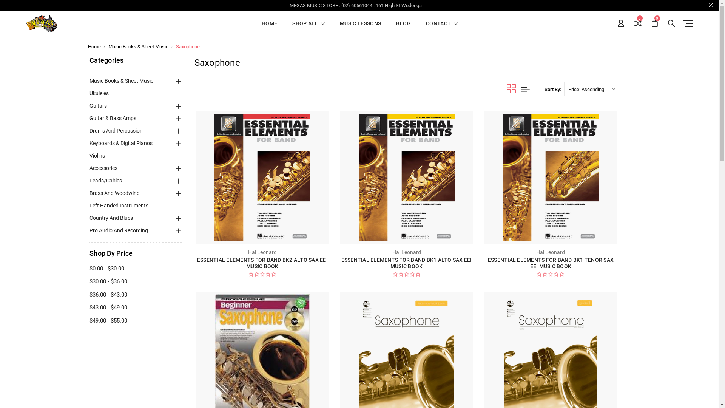 This screenshot has height=408, width=725. What do you see at coordinates (651, 23) in the screenshot?
I see `'0'` at bounding box center [651, 23].